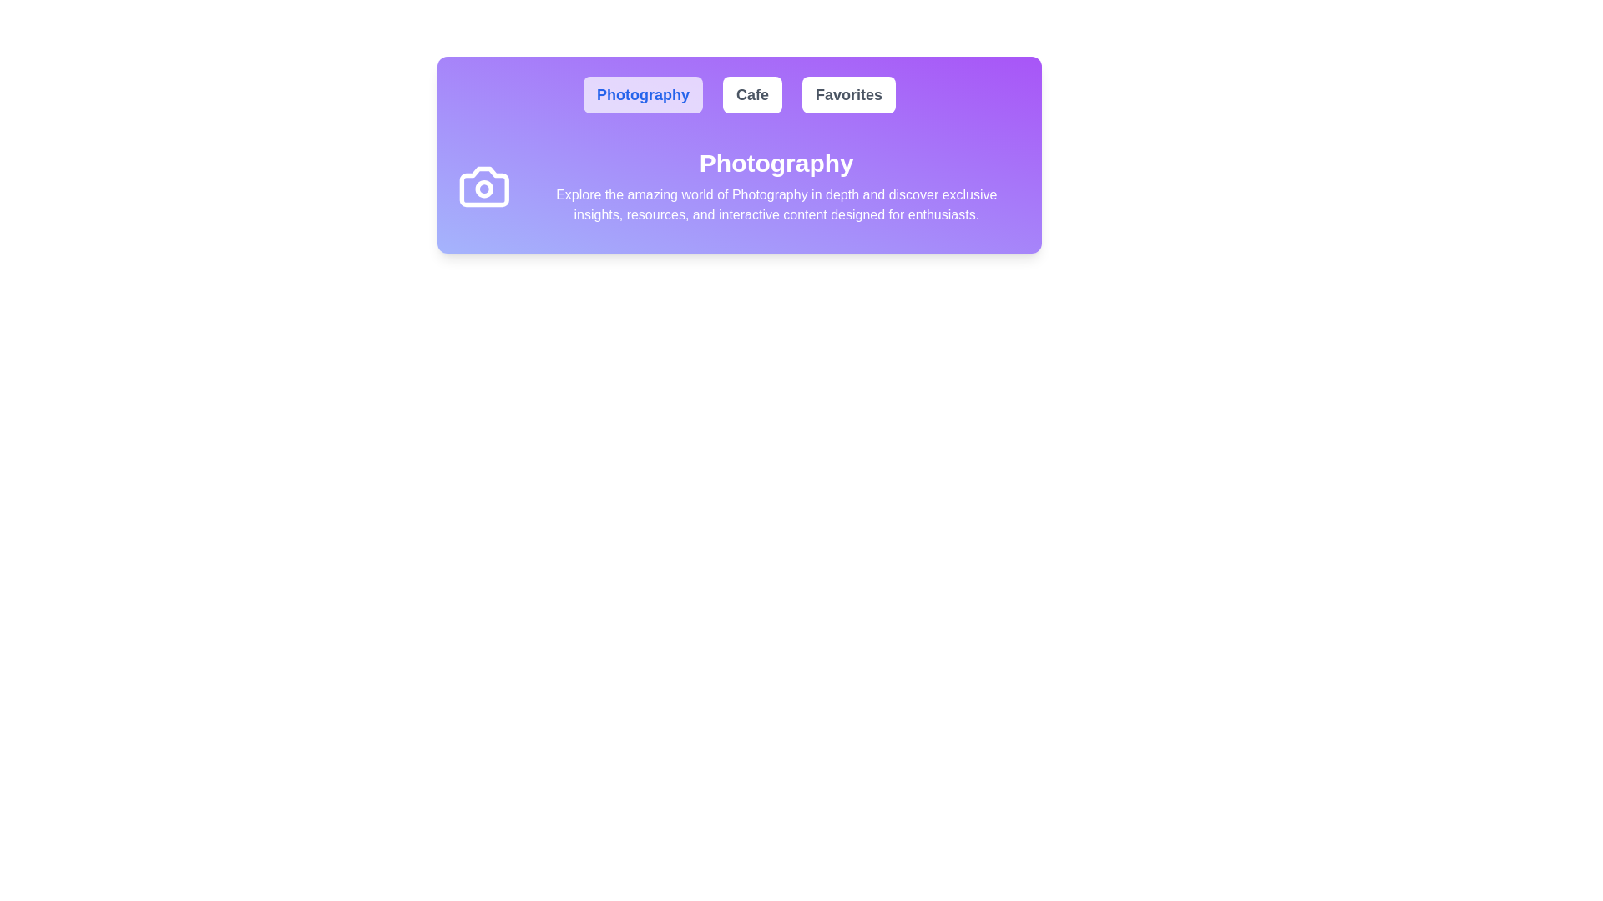  Describe the element at coordinates (776, 164) in the screenshot. I see `text from the Photography label located near the top of the interface` at that location.